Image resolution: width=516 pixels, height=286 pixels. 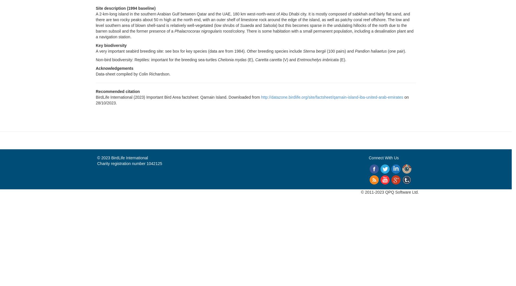 I want to click on '(V) and', so click(x=289, y=59).